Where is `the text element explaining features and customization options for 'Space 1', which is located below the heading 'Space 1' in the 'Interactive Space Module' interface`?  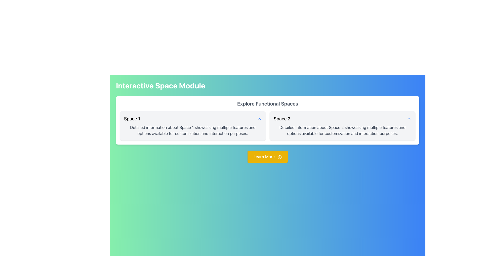
the text element explaining features and customization options for 'Space 1', which is located below the heading 'Space 1' in the 'Interactive Space Module' interface is located at coordinates (192, 130).